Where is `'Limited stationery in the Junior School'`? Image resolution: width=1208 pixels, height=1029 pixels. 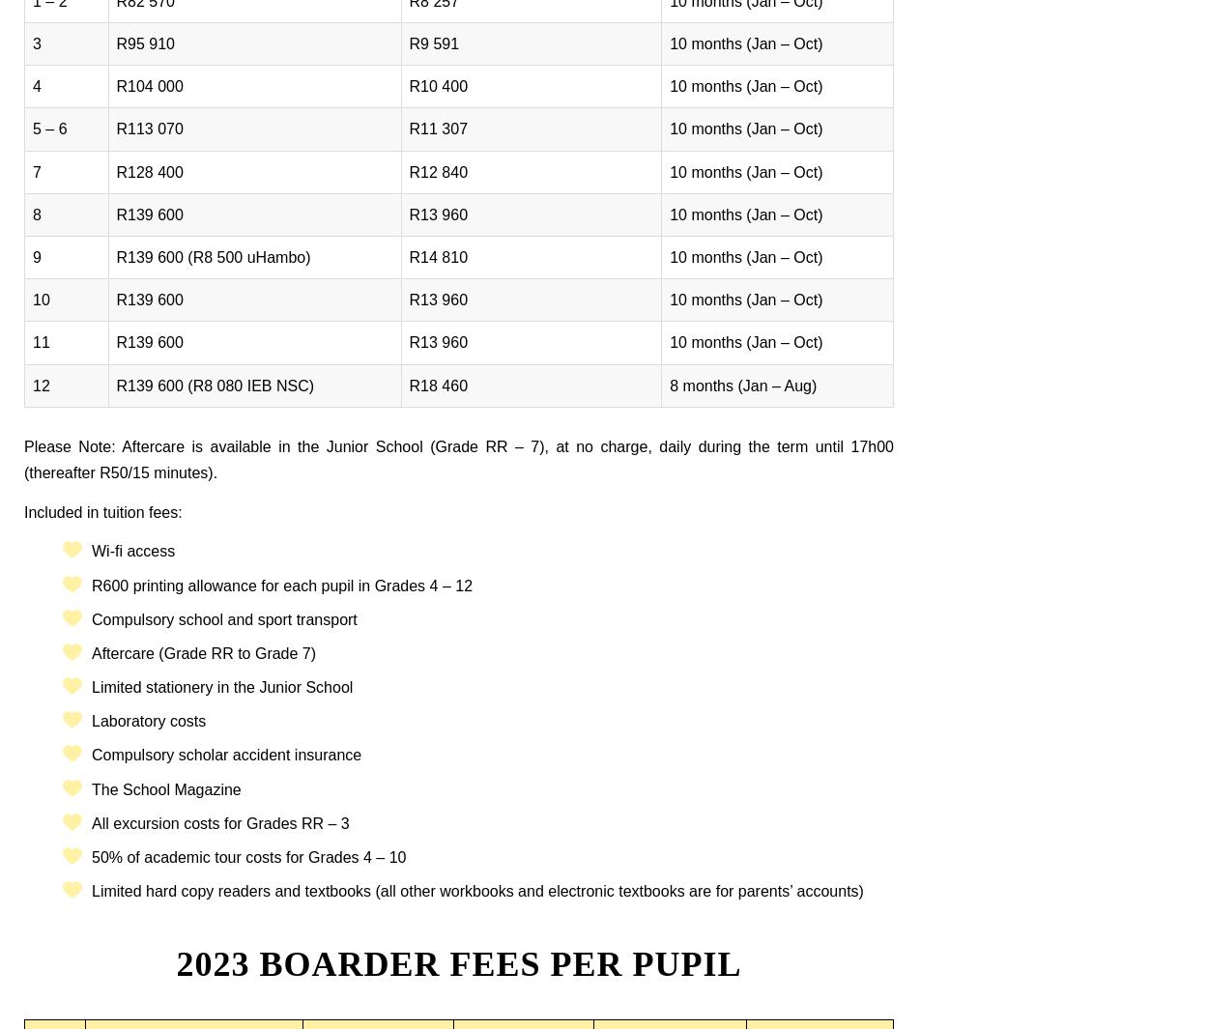
'Limited stationery in the Junior School' is located at coordinates (221, 687).